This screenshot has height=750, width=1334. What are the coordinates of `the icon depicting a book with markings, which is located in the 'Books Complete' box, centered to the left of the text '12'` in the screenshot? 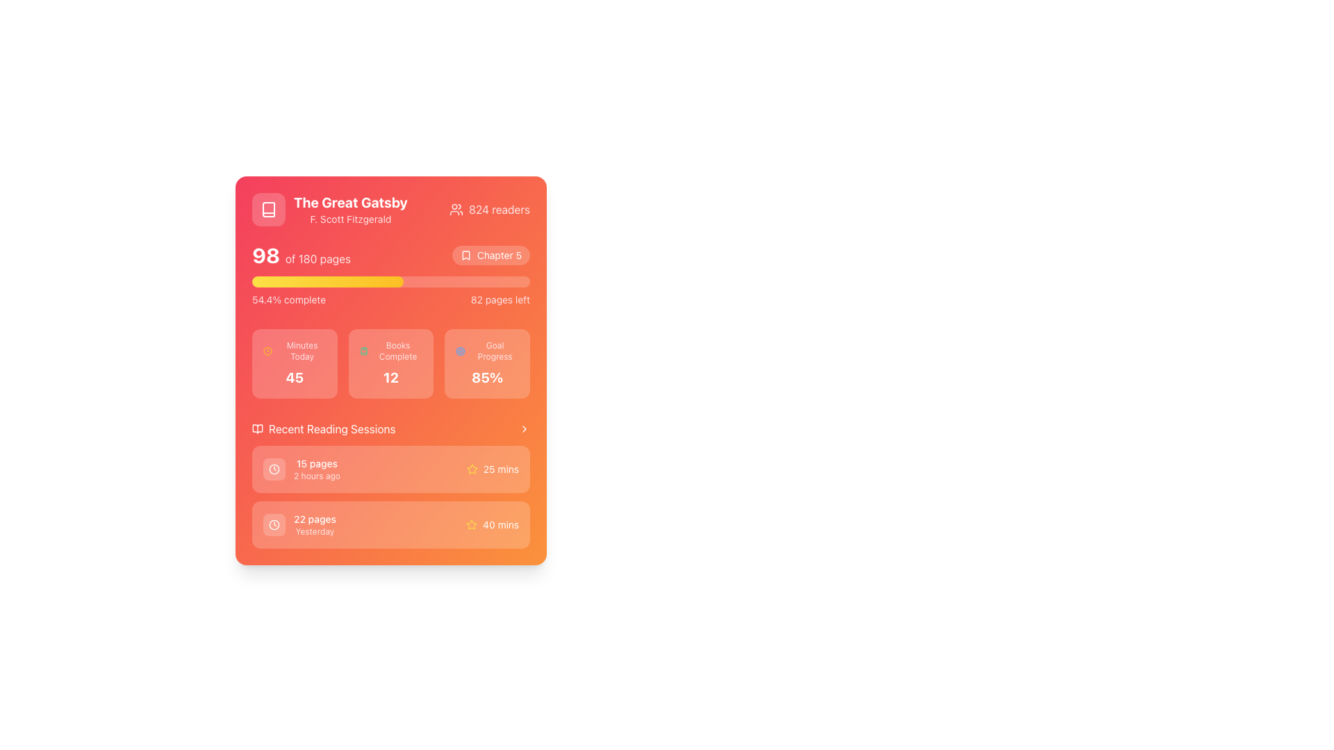 It's located at (363, 350).